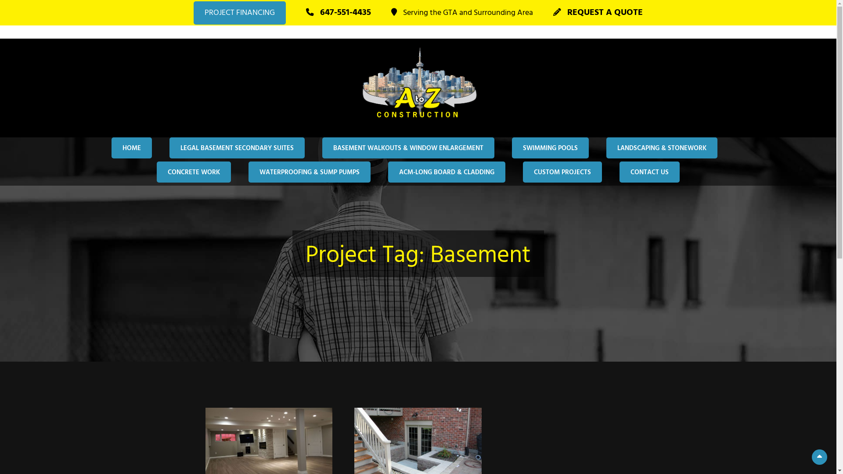 The width and height of the screenshot is (843, 474). I want to click on '647-551-4435', so click(338, 13).